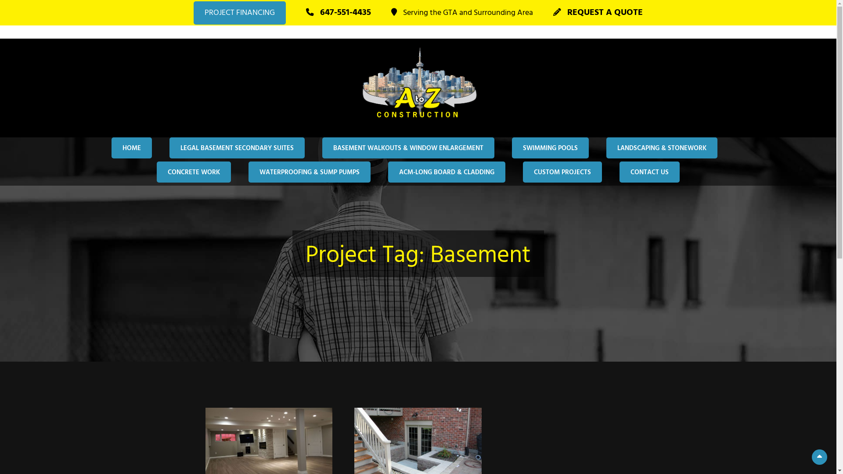 The width and height of the screenshot is (843, 474). I want to click on '647-551-4435', so click(338, 13).